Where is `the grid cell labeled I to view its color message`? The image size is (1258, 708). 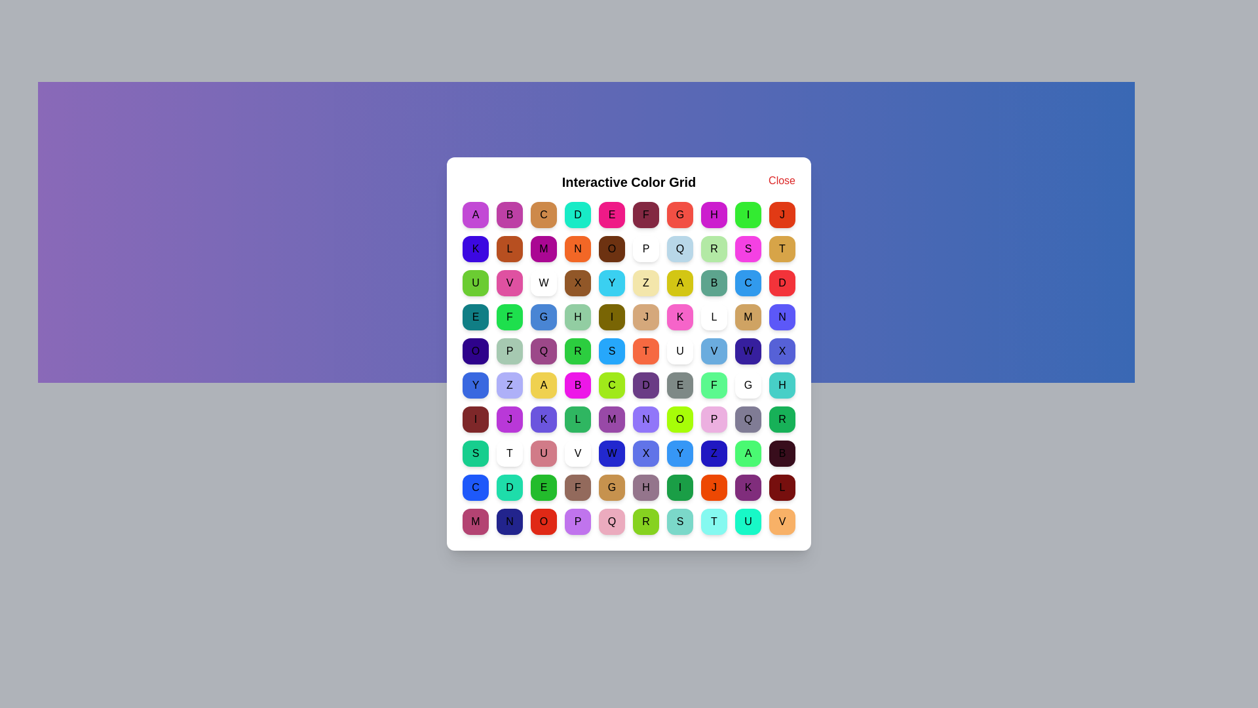 the grid cell labeled I to view its color message is located at coordinates (748, 214).